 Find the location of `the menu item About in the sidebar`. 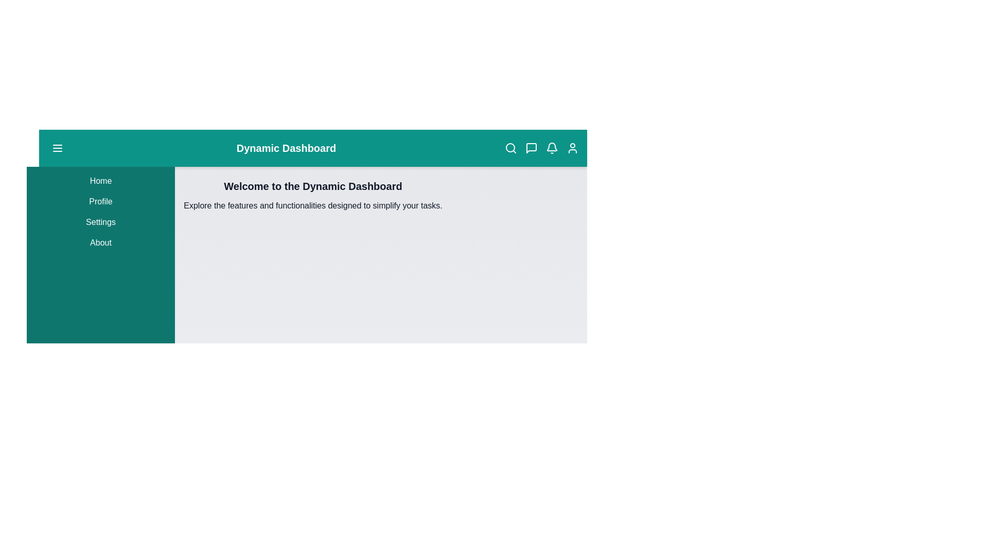

the menu item About in the sidebar is located at coordinates (101, 242).